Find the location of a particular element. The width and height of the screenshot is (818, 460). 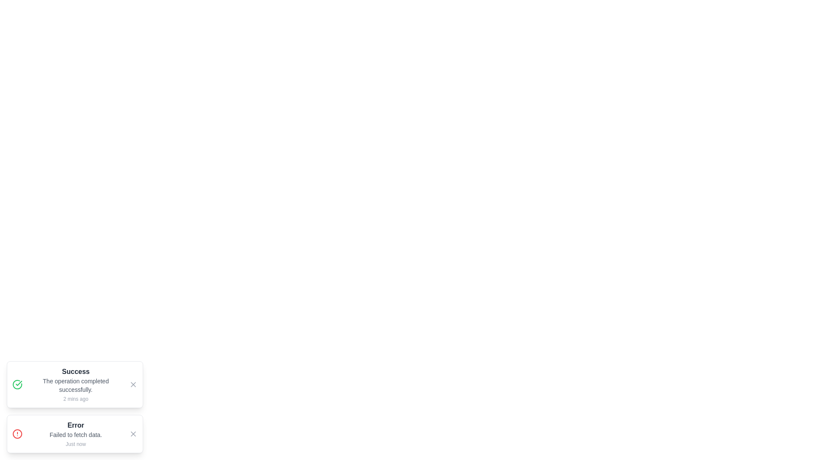

the static text element displaying the word 'Error' in bold, dark-gray font, which is centrally aligned at the top of the message card is located at coordinates (75, 425).